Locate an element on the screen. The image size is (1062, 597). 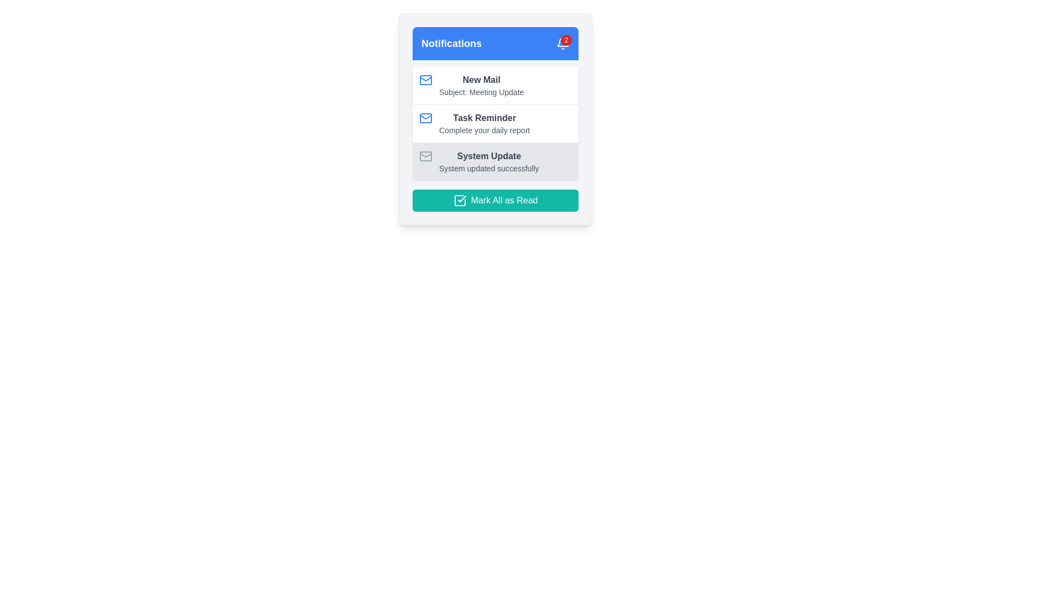
the gray rounded rectangle icon of the mail envelope, located in the bottom section of the 'System Update' notification card is located at coordinates (425, 156).